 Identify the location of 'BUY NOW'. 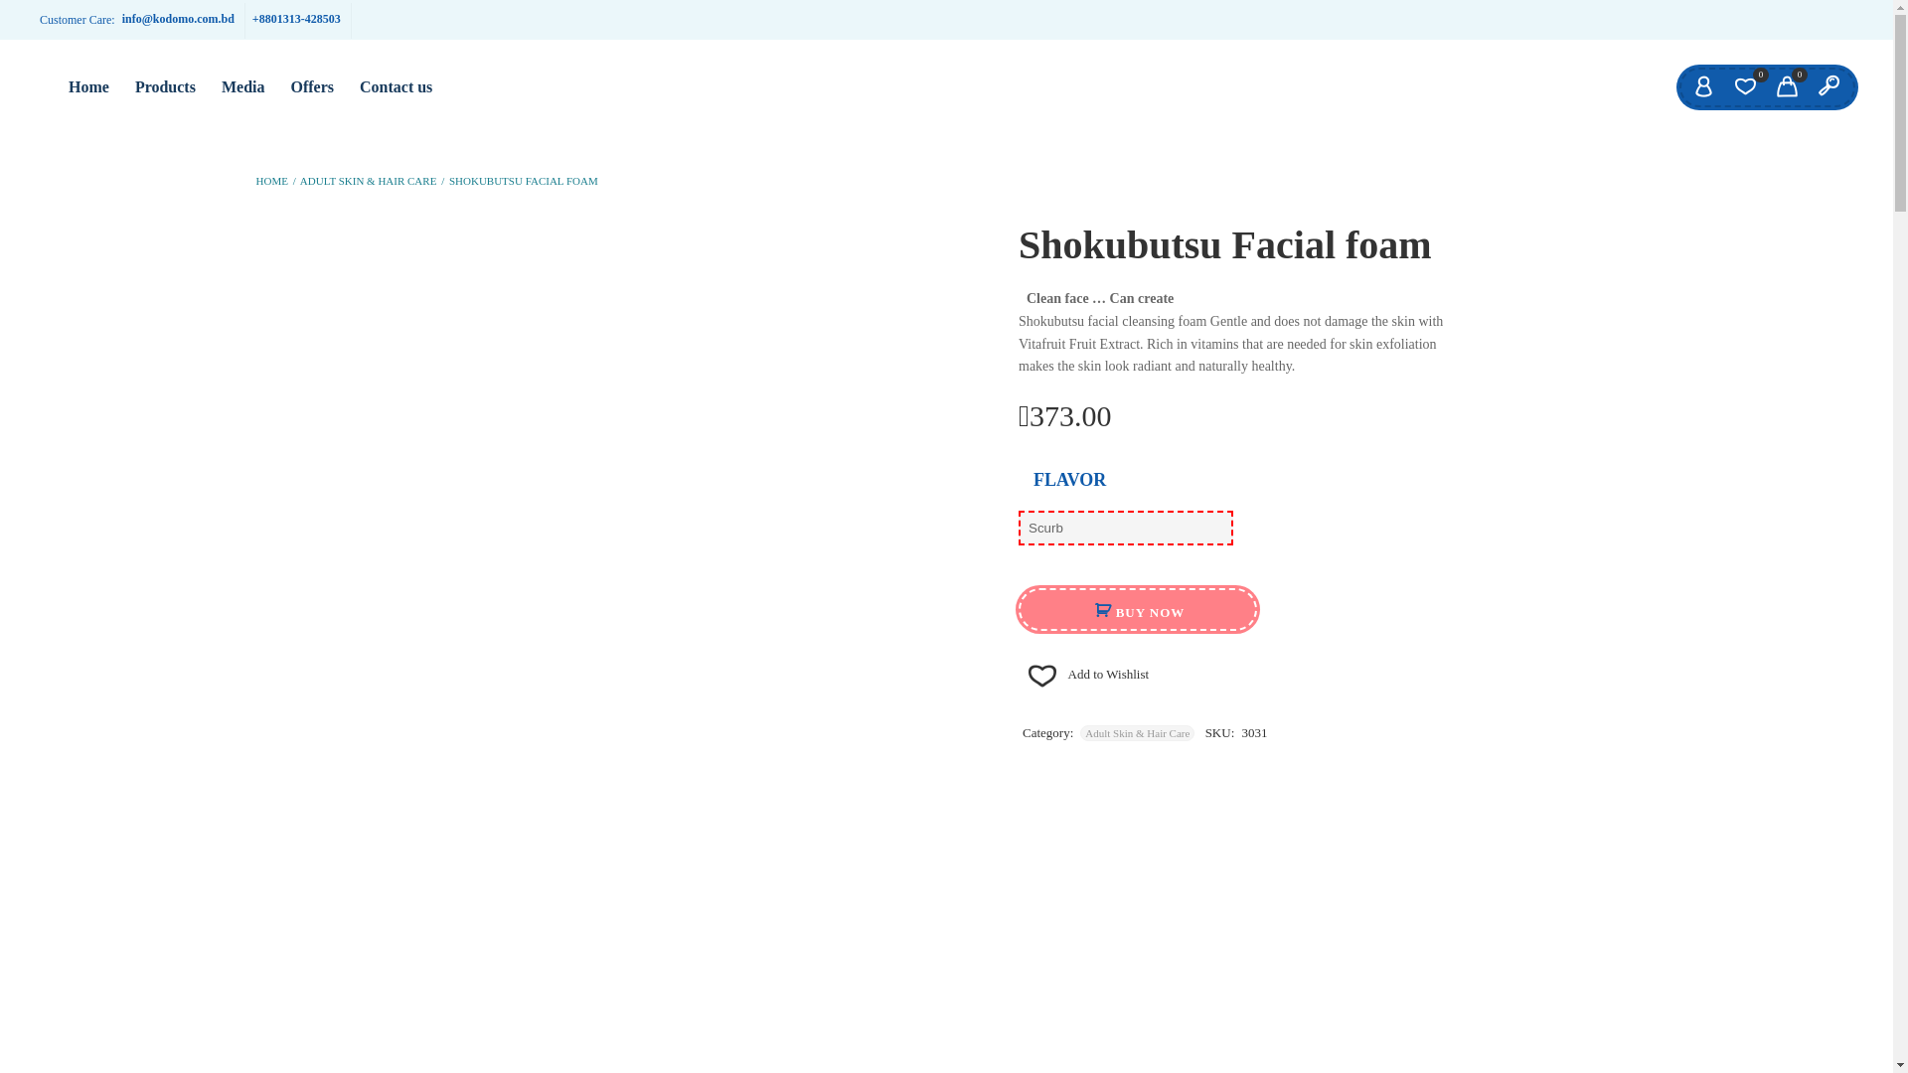
(1138, 608).